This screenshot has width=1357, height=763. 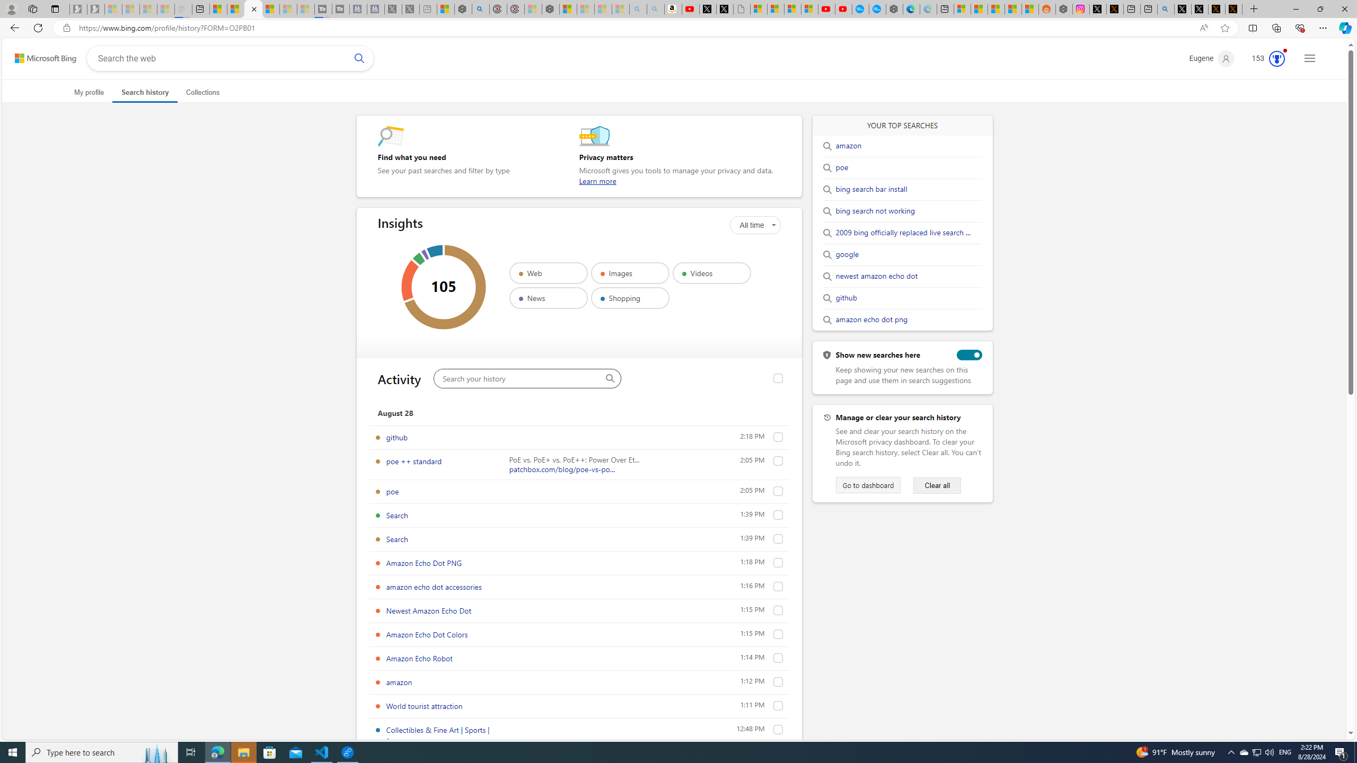 I want to click on 'Class: el_arc partner-news', so click(x=424, y=254).